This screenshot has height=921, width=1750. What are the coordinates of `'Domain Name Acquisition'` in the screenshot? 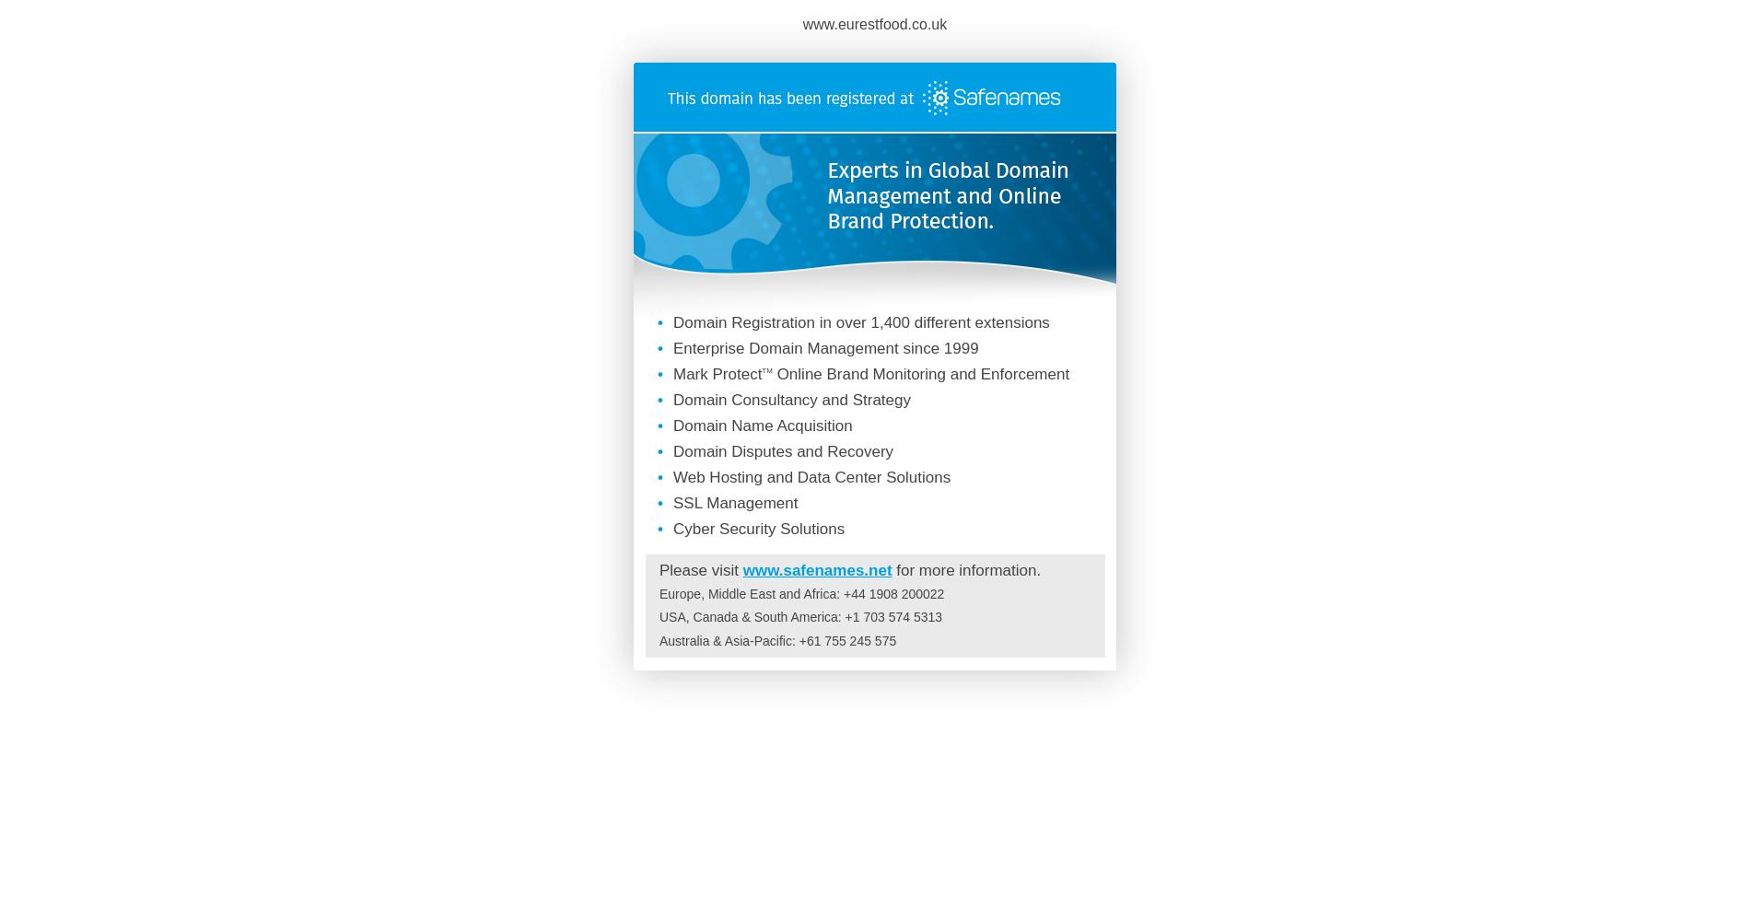 It's located at (762, 424).